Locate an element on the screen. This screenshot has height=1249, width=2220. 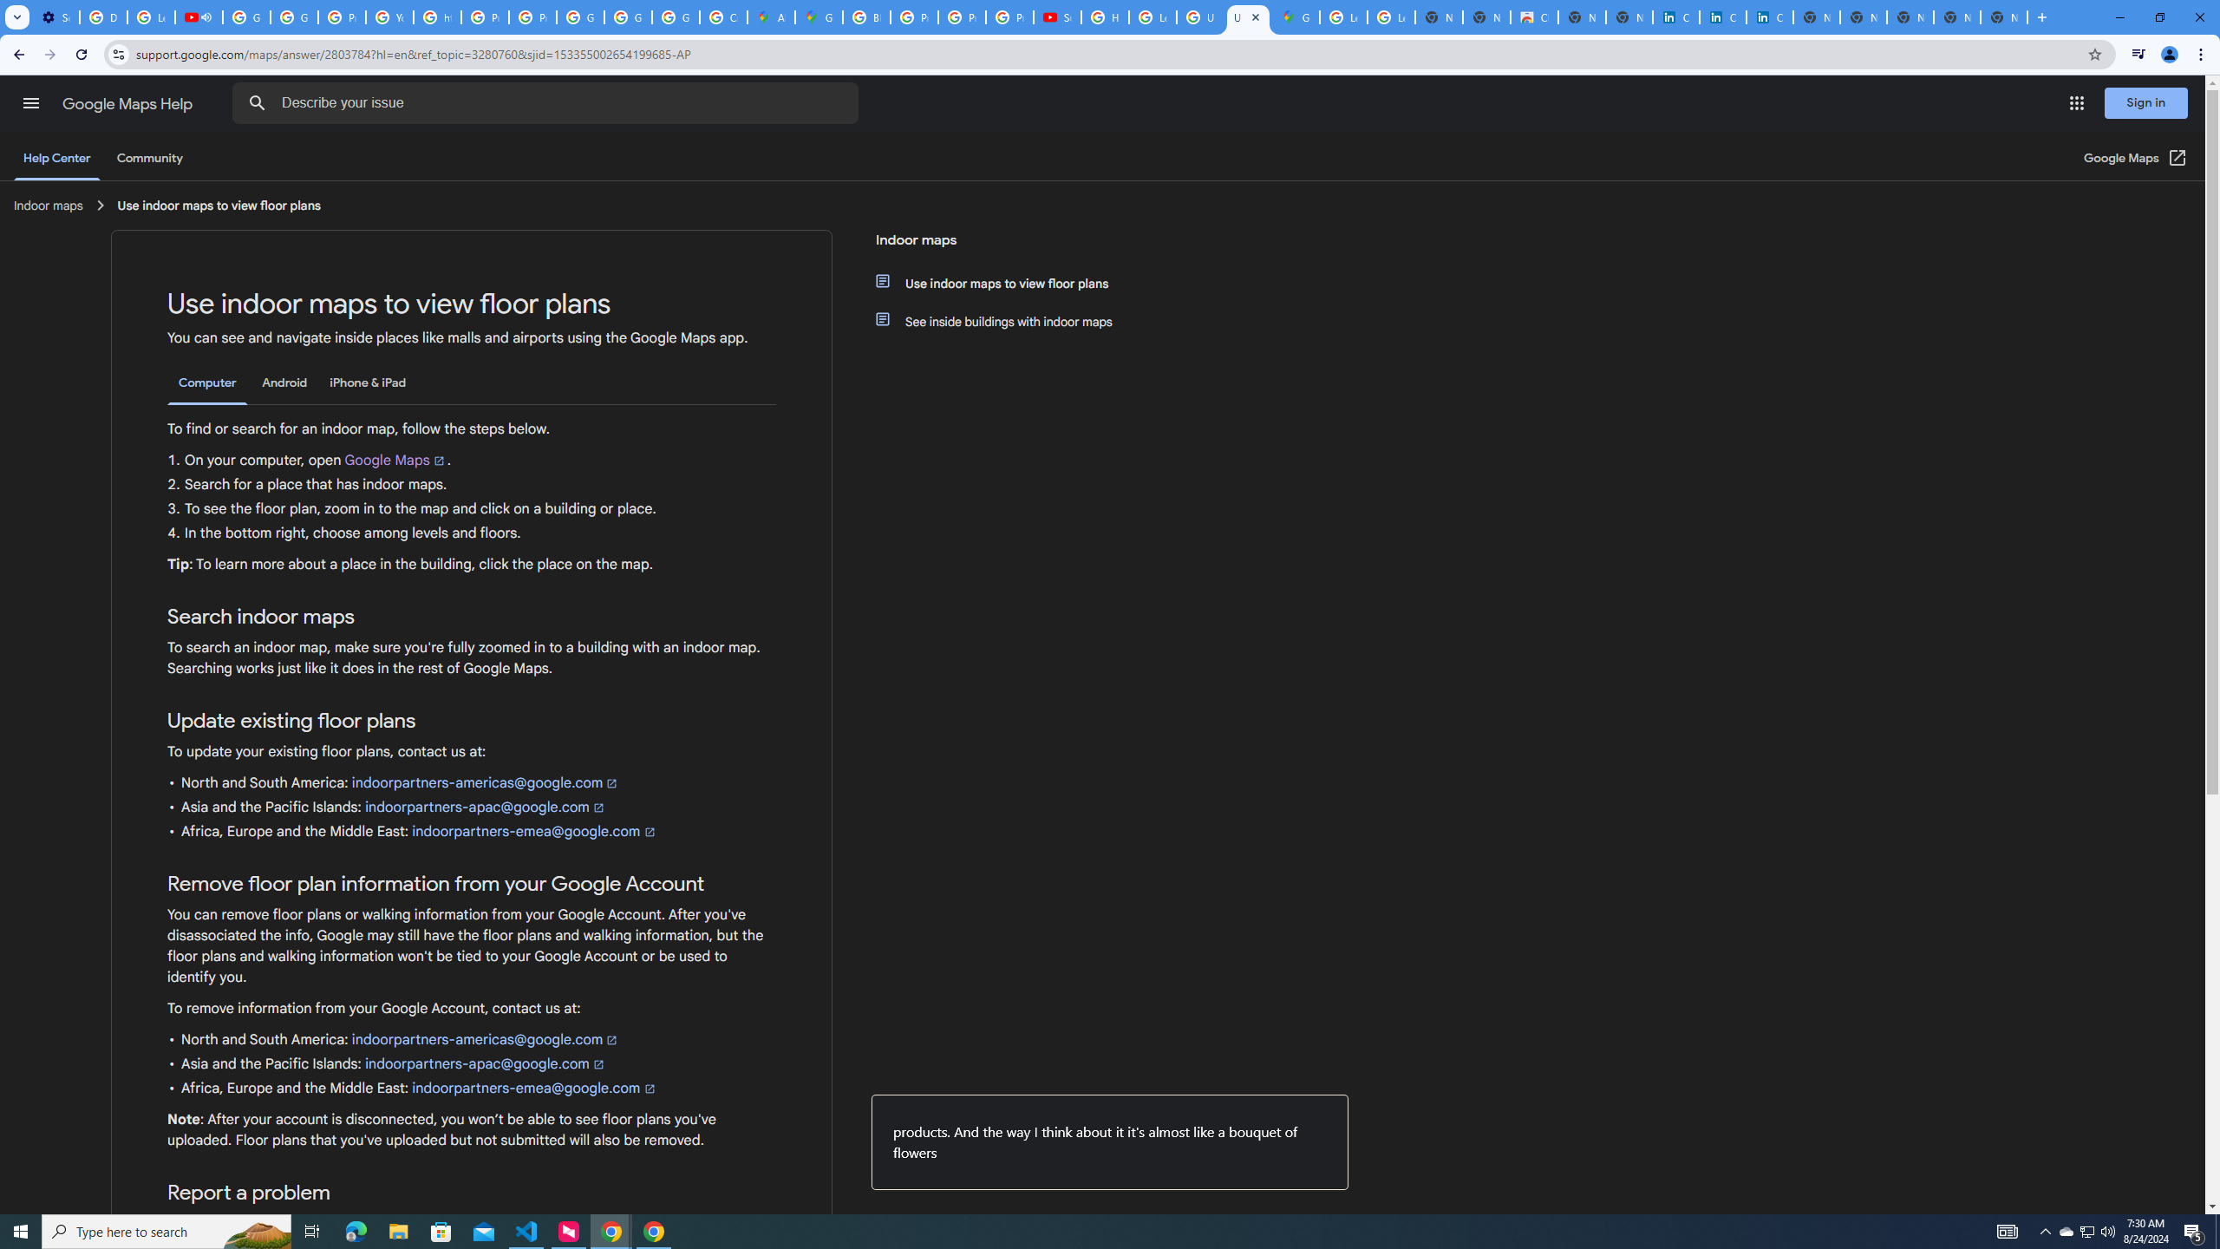
'Subscriptions - YouTube' is located at coordinates (1056, 16).